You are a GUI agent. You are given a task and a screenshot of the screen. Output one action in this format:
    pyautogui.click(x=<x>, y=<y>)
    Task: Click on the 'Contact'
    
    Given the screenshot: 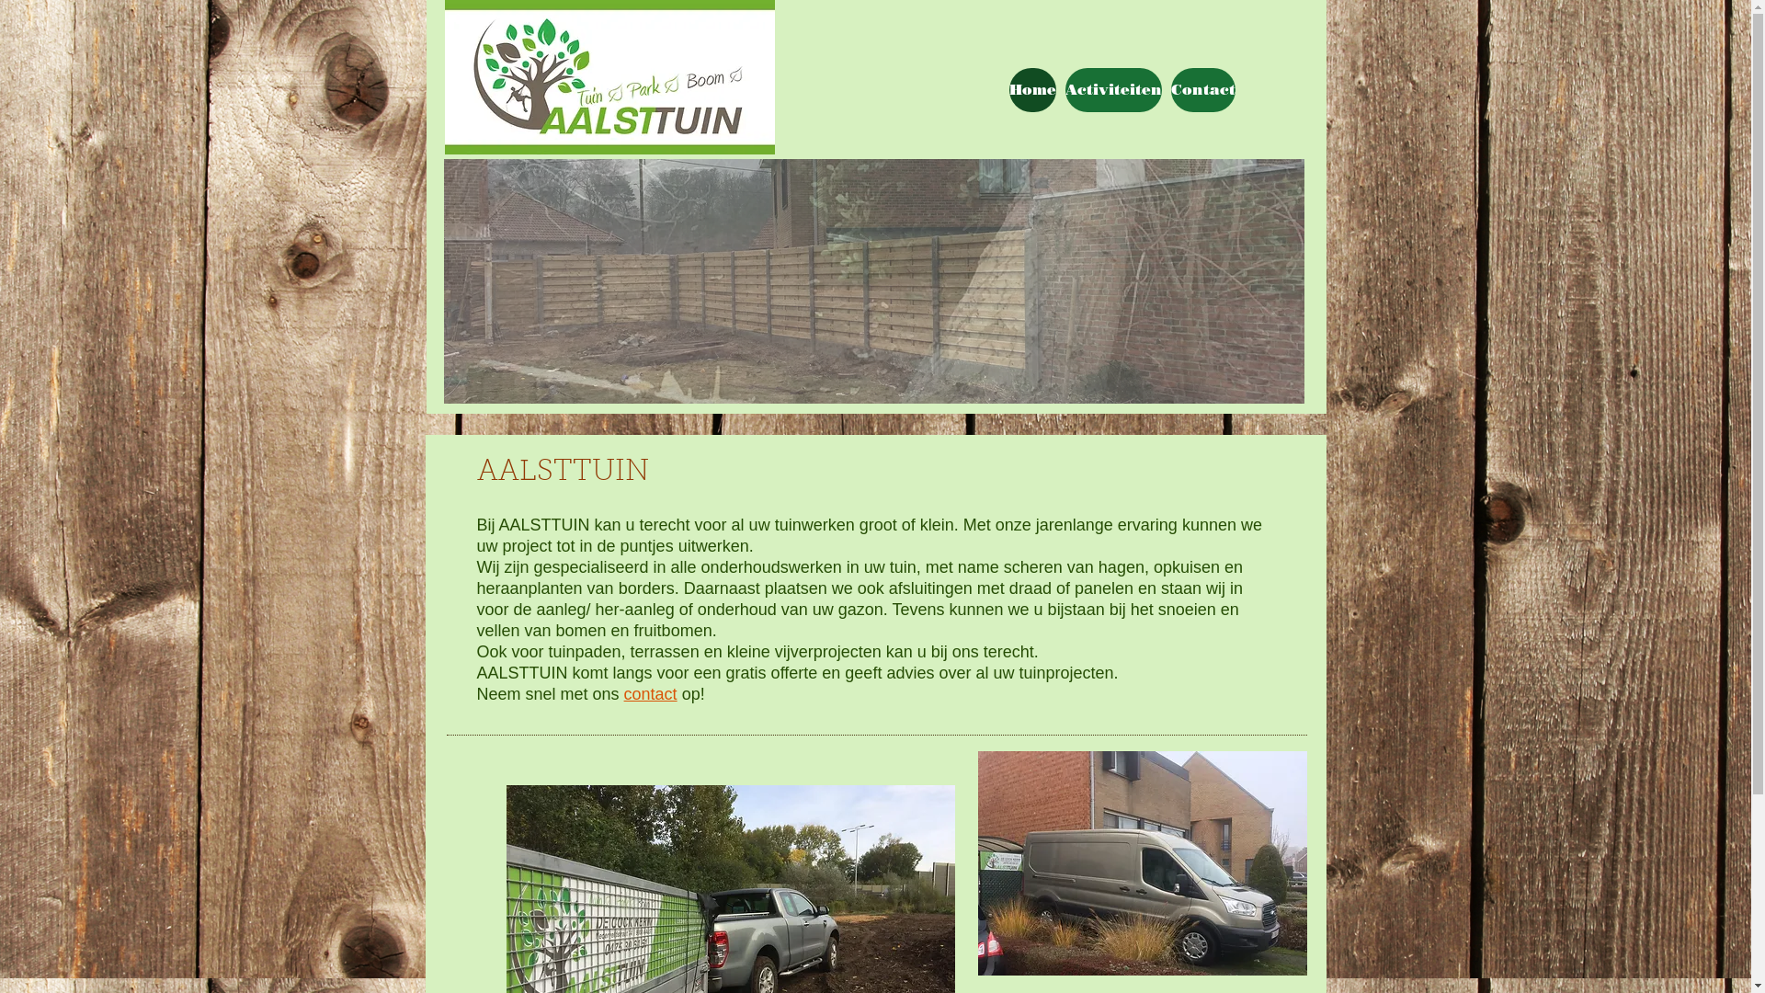 What is the action you would take?
    pyautogui.click(x=1203, y=89)
    